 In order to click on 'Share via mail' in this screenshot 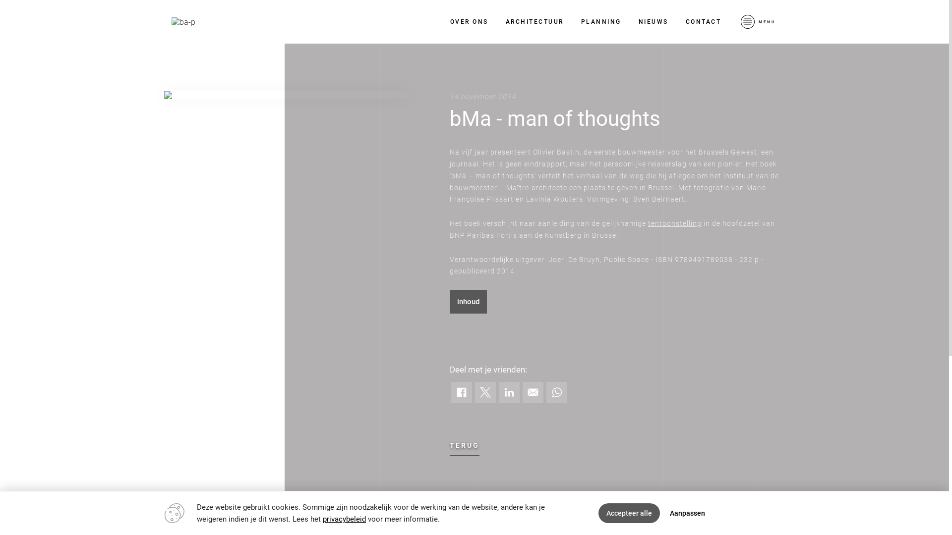, I will do `click(533, 391)`.